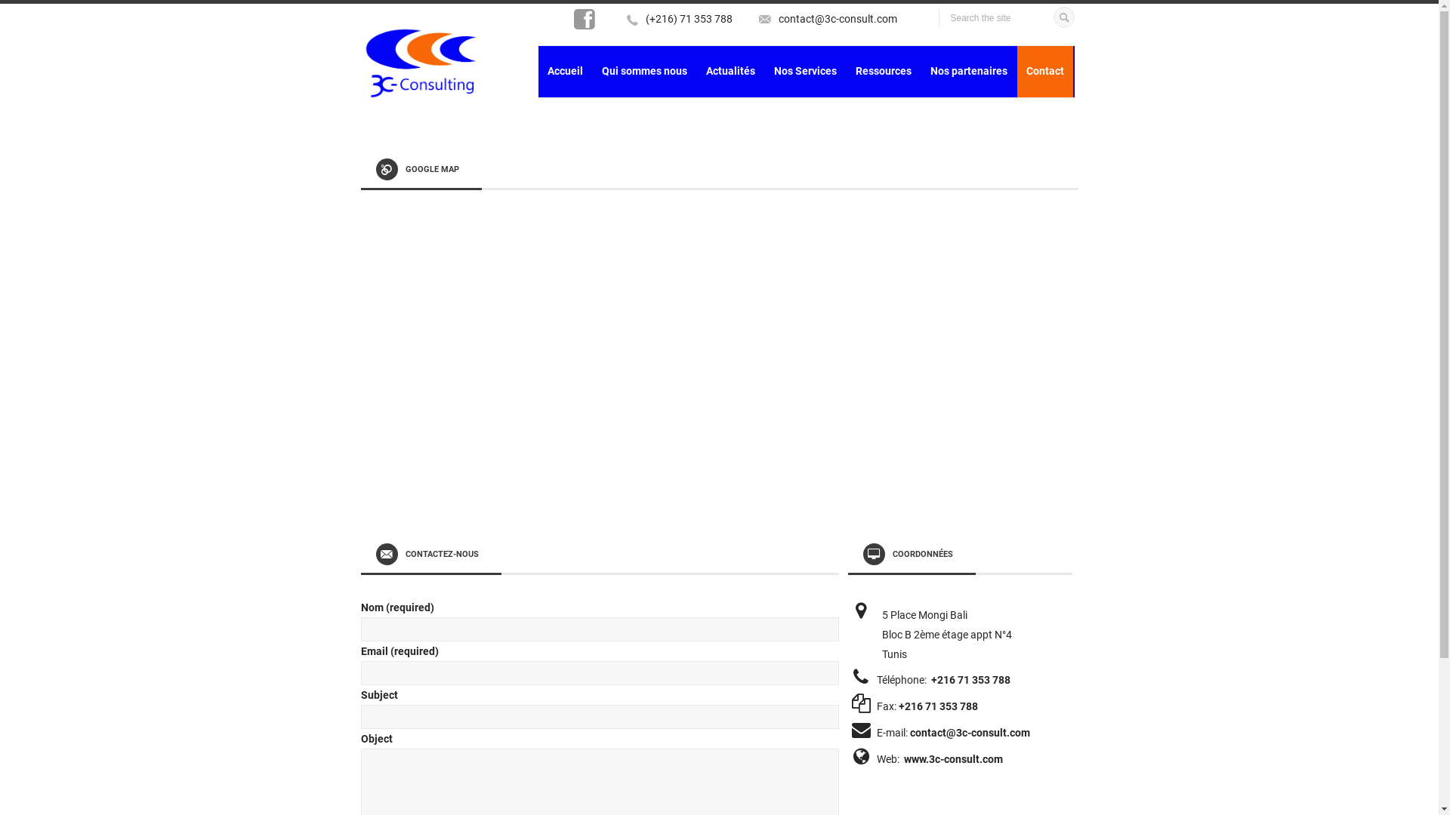 This screenshot has height=815, width=1450. What do you see at coordinates (1043, 72) in the screenshot?
I see `'Contact'` at bounding box center [1043, 72].